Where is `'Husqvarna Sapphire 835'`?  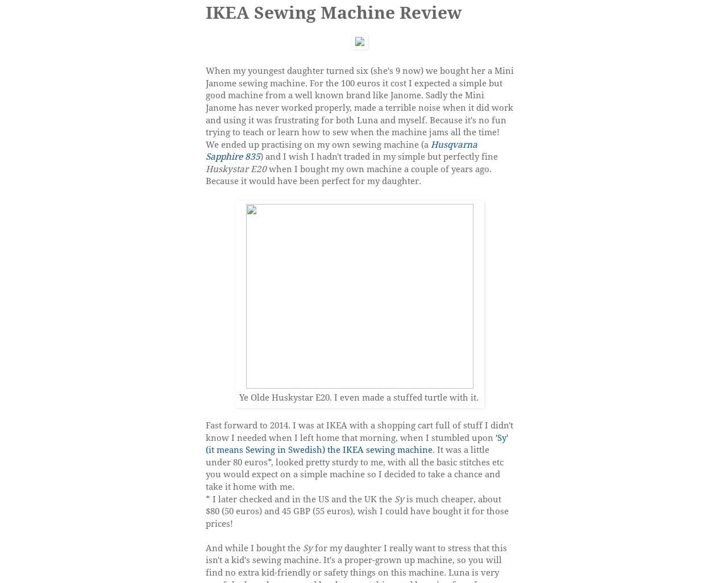 'Husqvarna Sapphire 835' is located at coordinates (340, 150).